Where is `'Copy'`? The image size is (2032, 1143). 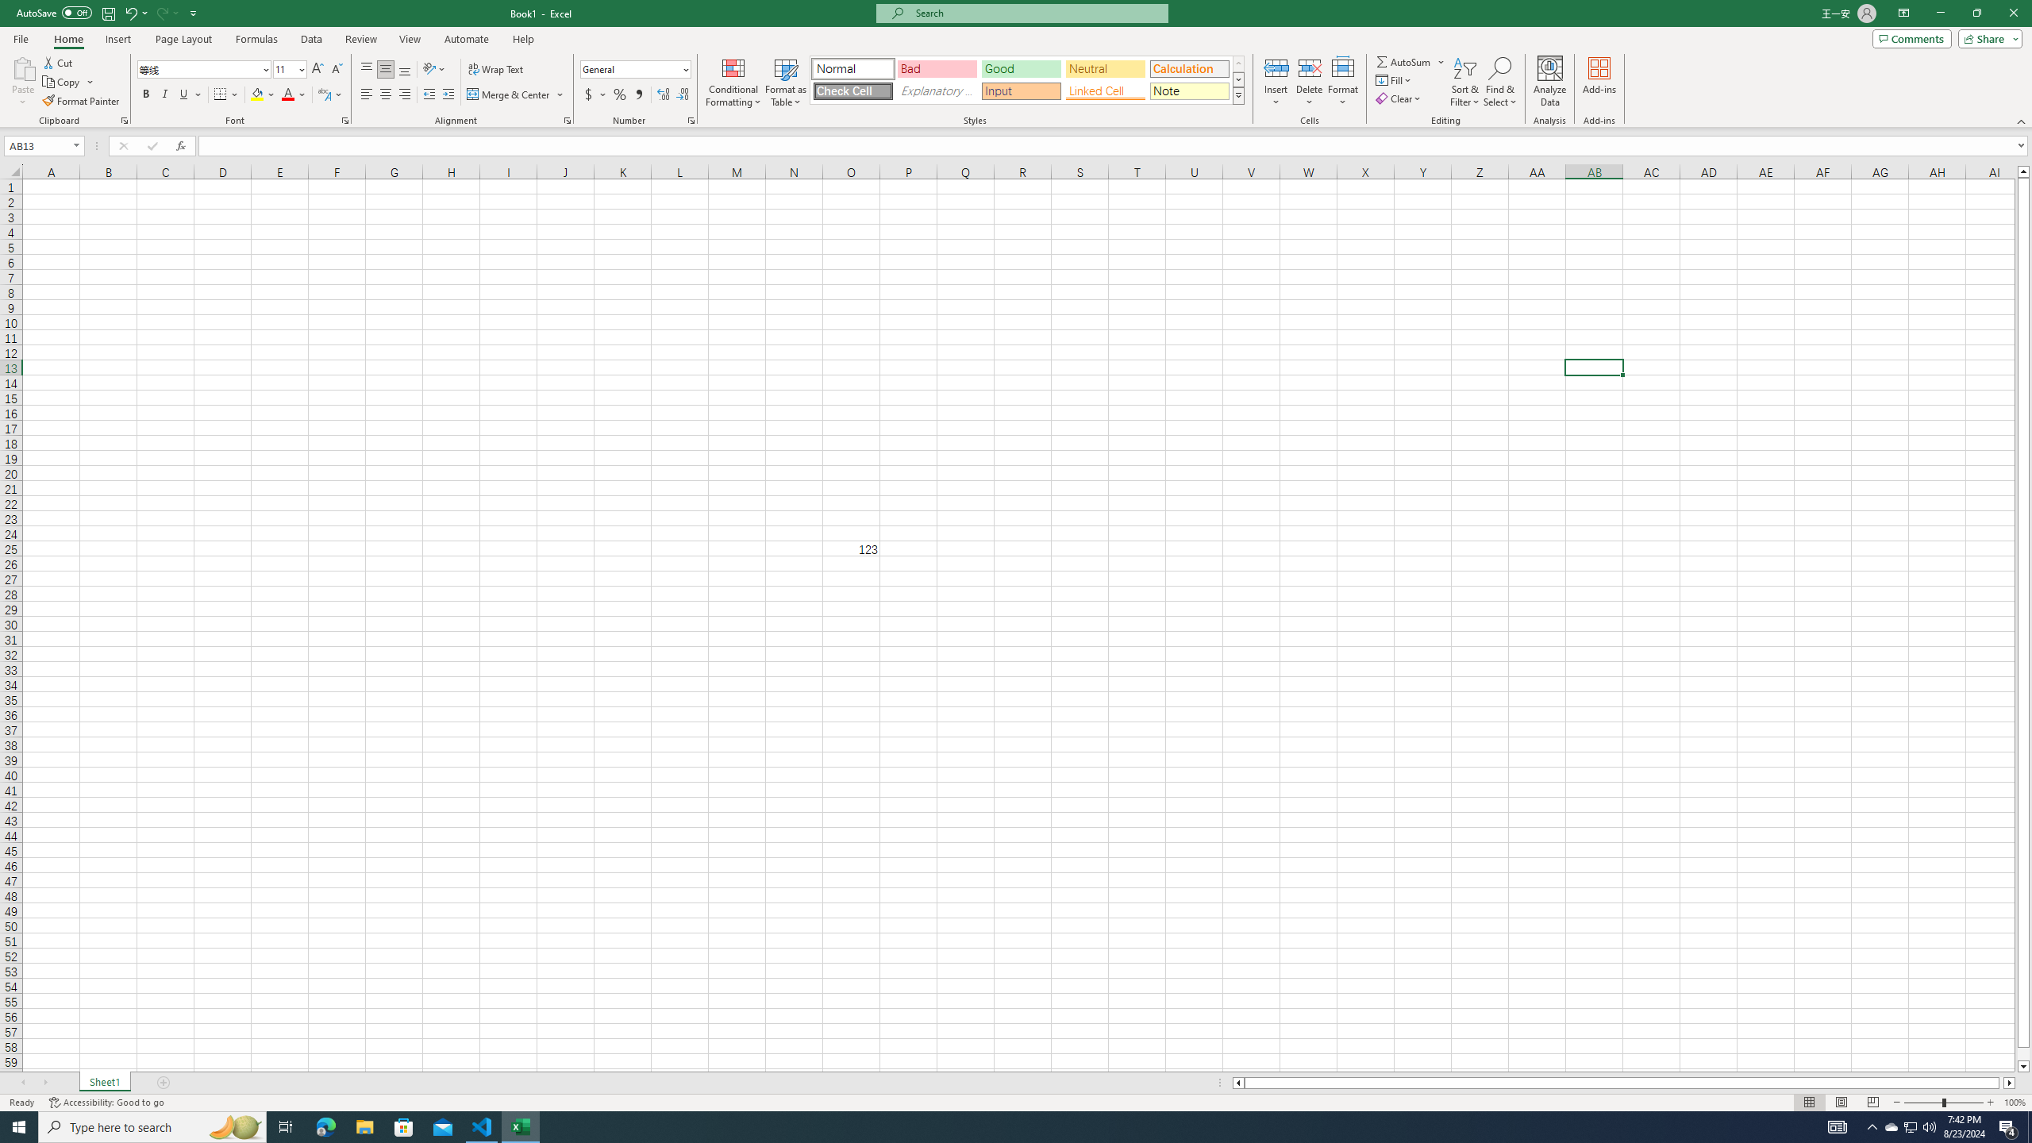 'Copy' is located at coordinates (62, 82).